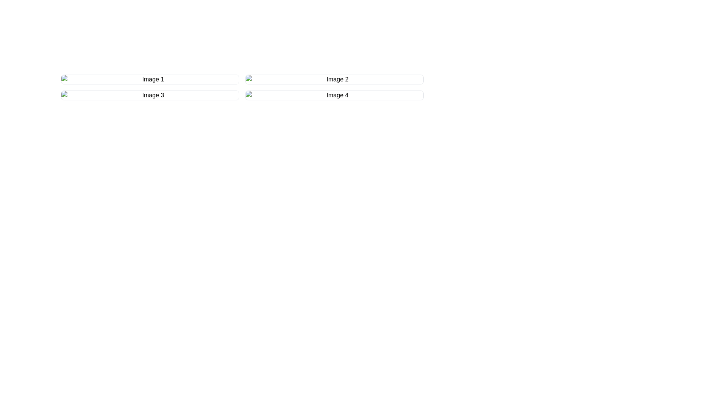 The height and width of the screenshot is (409, 727). I want to click on the image labeled 'Image 1' in the top-left corner of the grid, so click(150, 79).